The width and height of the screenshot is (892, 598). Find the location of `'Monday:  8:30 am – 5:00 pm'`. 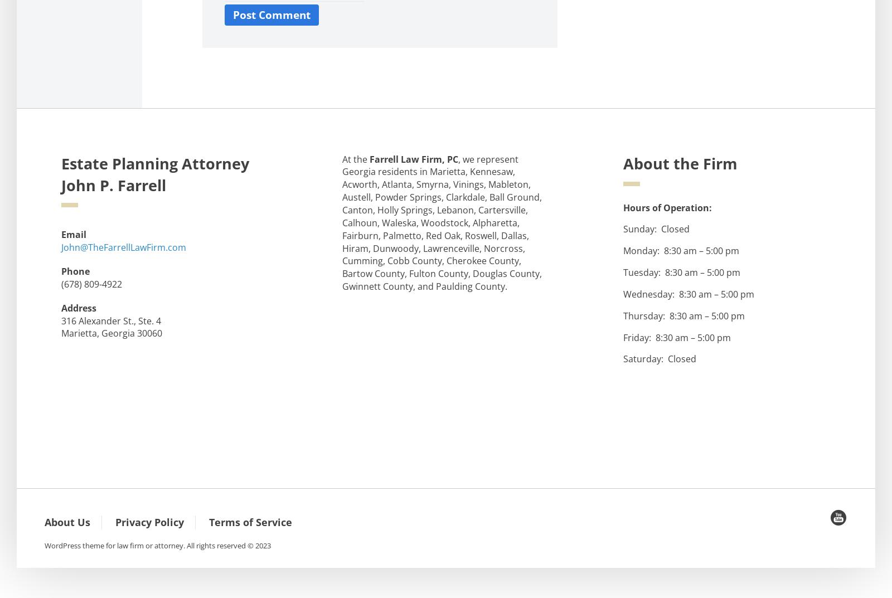

'Monday:  8:30 am – 5:00 pm' is located at coordinates (680, 251).